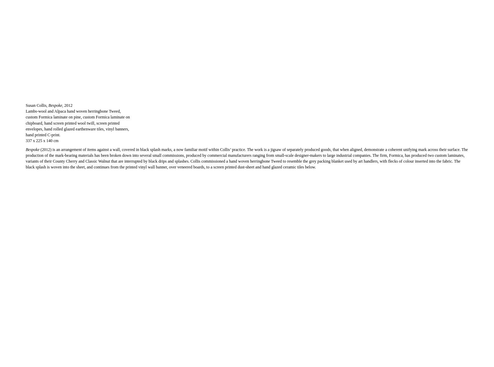 The height and width of the screenshot is (367, 494). Describe the element at coordinates (246, 158) in the screenshot. I see `'(2012) is an arrangement of items against a wall, covered in black splash marks, a now familiar motif within Collis’ practice. The work is a jigsaw of separately produced goods, that when aligned, demonstrate a coherent unifying mark across their surface. The production of the mark-bearing materials has been broken down into several small commissions, produced by commercial manufacturers ranging from small-scale designer-makers to large industrial companies. The firm, Formica, has produced two custom laminates, variants of their County Cherry and Classic Walnut that are interrupted by black drips and splashes. Collis commissioned a hand woven herringbone Tweed to resemble the grey packing blanket used by art handlers, with flecks of colour inserted into the fabric. The black splash is woven into the sheet, and continues from the printed vinyl wall banner, over veneered boards, to a screen printed dust-sheet and hand glazed ceramic tiles below.'` at that location.